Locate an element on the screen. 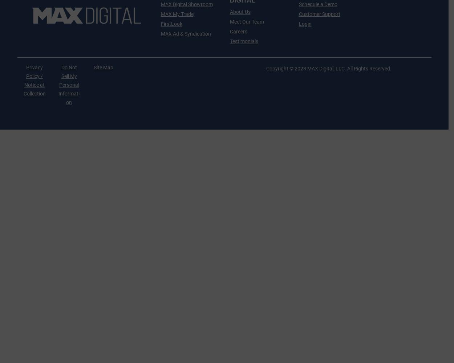 The width and height of the screenshot is (454, 363). 'MAX My Trade' is located at coordinates (160, 14).